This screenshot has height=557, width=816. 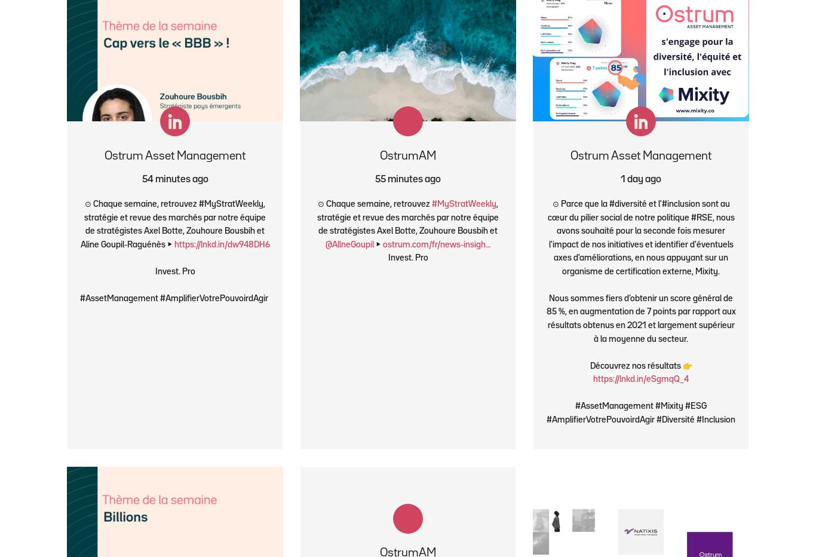 What do you see at coordinates (408, 179) in the screenshot?
I see `'55 minutes ago'` at bounding box center [408, 179].